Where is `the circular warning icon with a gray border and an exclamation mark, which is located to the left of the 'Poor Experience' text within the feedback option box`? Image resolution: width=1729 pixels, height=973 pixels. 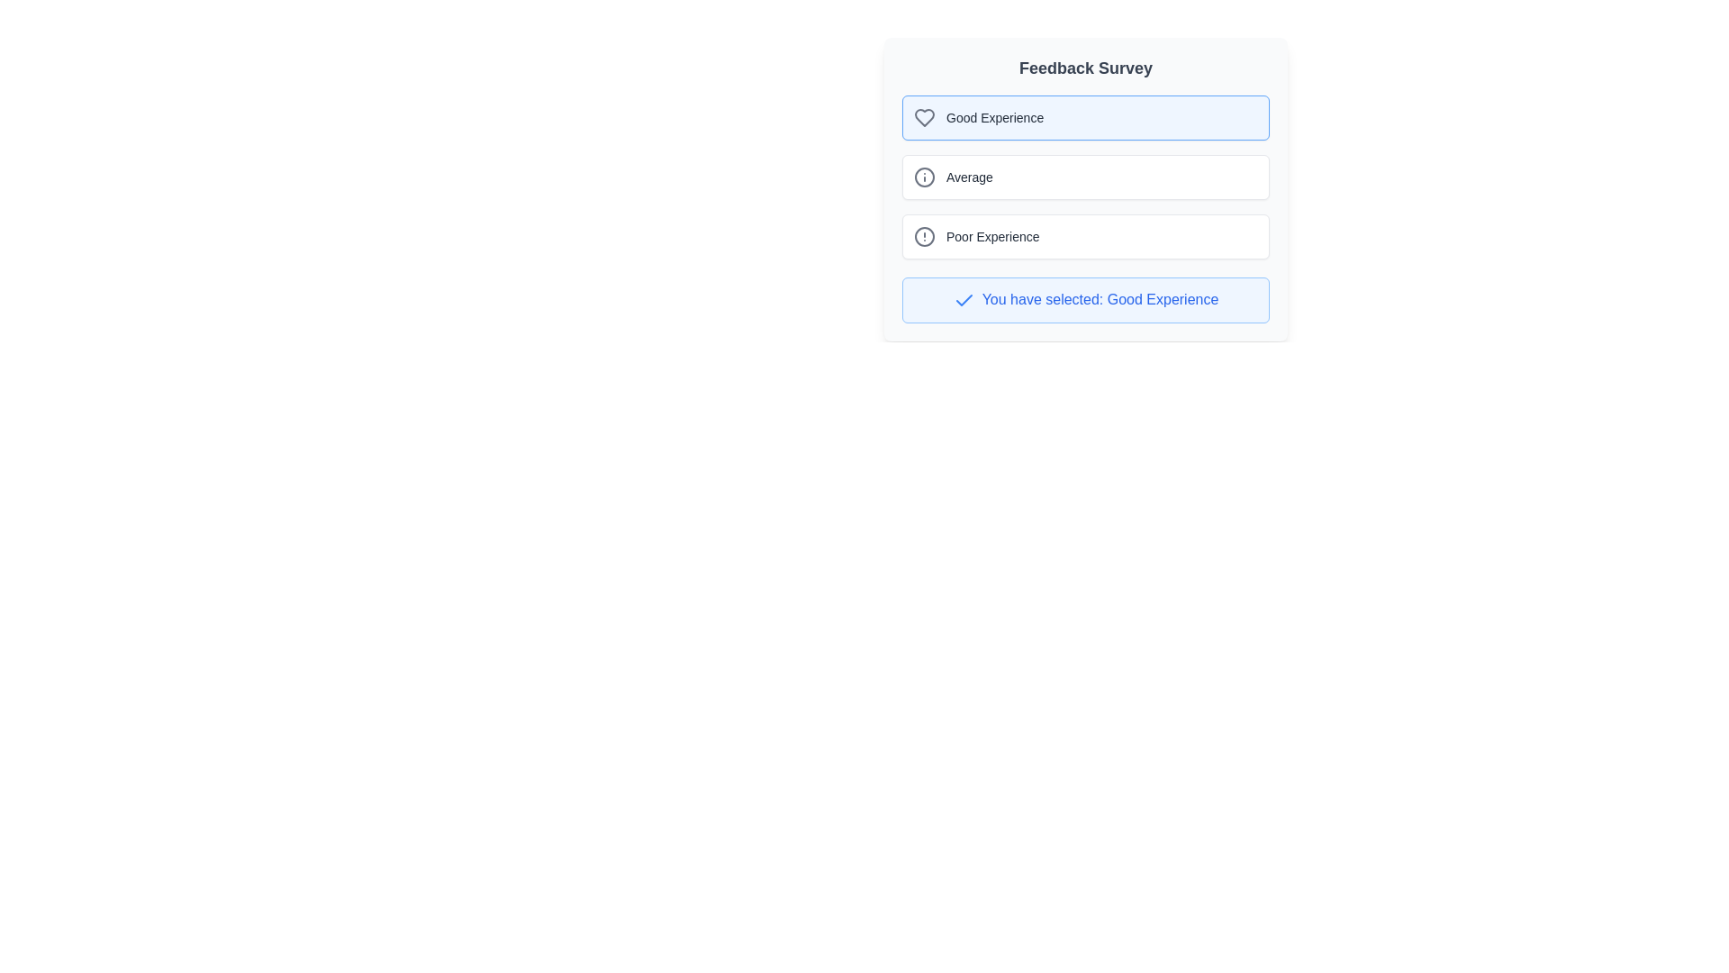 the circular warning icon with a gray border and an exclamation mark, which is located to the left of the 'Poor Experience' text within the feedback option box is located at coordinates (925, 235).